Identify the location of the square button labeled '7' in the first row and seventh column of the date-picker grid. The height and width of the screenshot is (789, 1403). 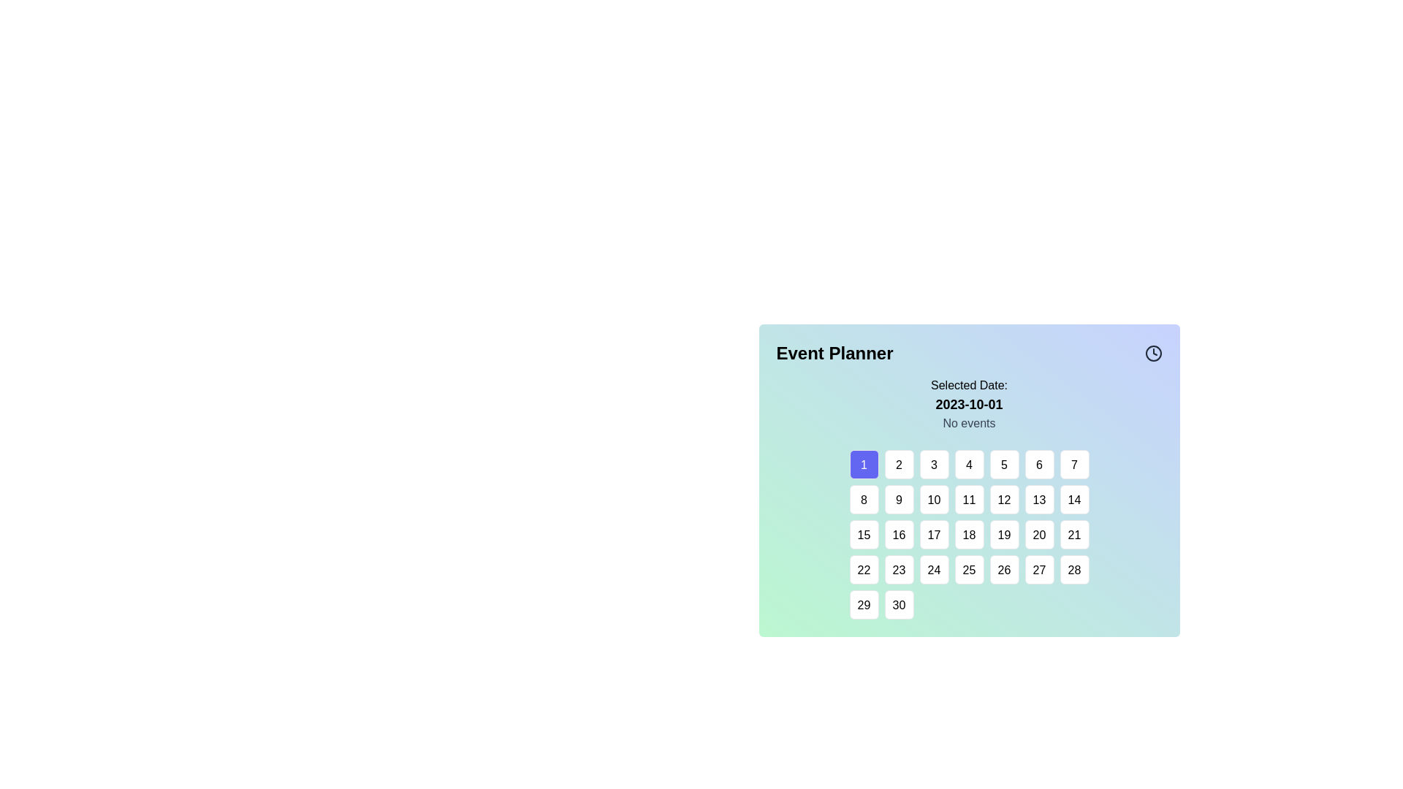
(1074, 465).